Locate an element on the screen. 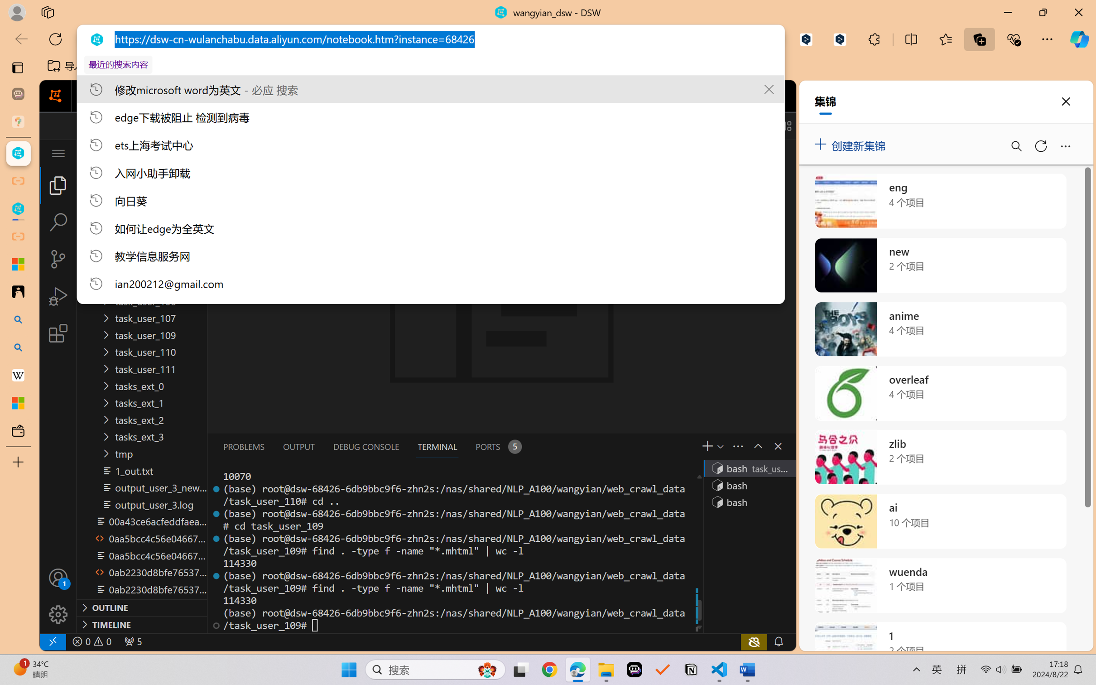  'Terminal 2 bash' is located at coordinates (748, 485).